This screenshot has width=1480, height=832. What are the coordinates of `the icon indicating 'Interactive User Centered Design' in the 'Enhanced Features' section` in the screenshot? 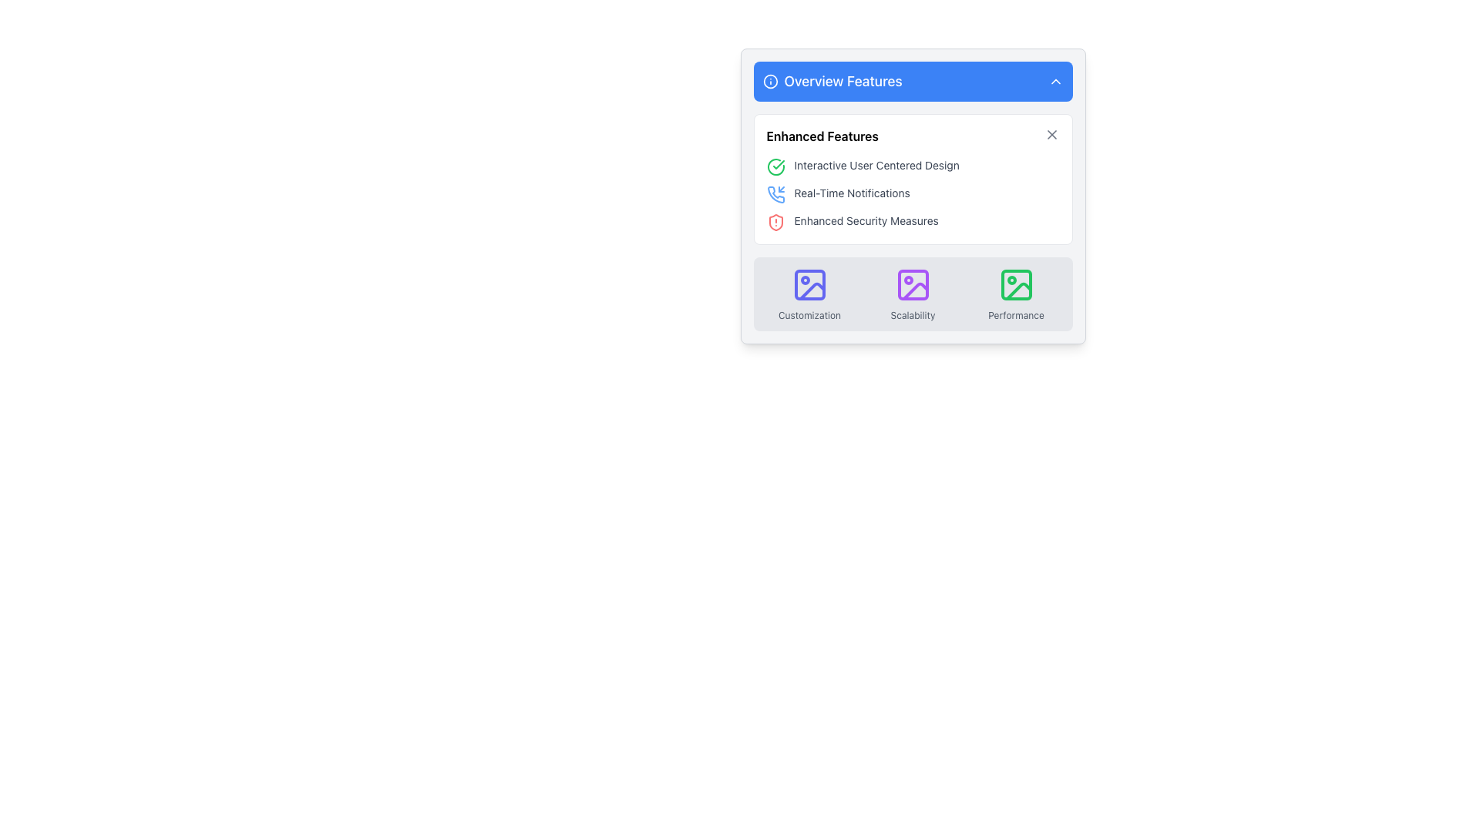 It's located at (775, 166).